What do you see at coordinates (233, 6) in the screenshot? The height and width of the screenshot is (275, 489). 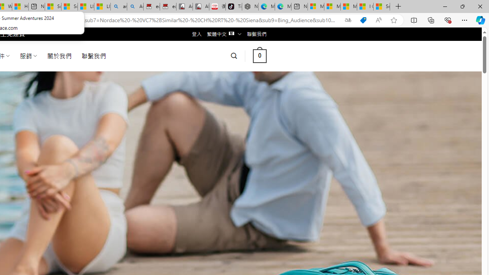 I see `'TikTok'` at bounding box center [233, 6].